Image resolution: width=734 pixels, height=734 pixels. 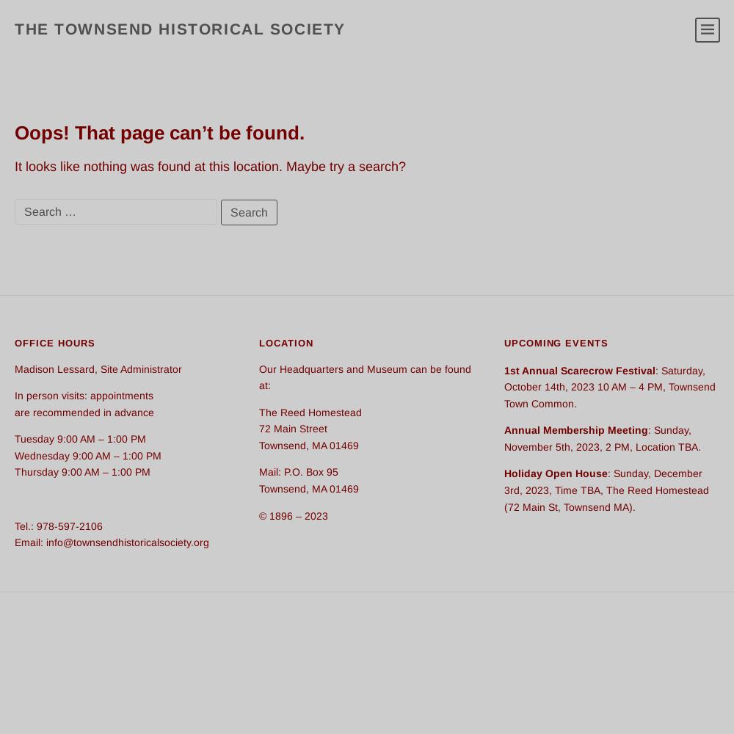 What do you see at coordinates (54, 341) in the screenshot?
I see `'Office Hours'` at bounding box center [54, 341].